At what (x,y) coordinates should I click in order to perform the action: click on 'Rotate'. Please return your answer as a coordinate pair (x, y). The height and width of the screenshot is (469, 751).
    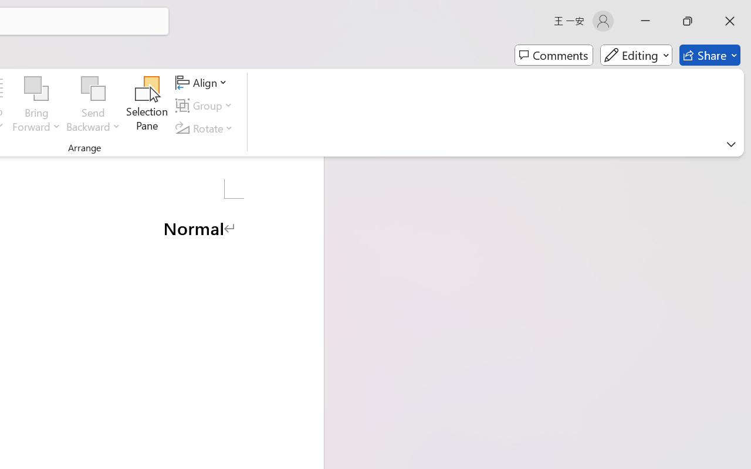
    Looking at the image, I should click on (206, 128).